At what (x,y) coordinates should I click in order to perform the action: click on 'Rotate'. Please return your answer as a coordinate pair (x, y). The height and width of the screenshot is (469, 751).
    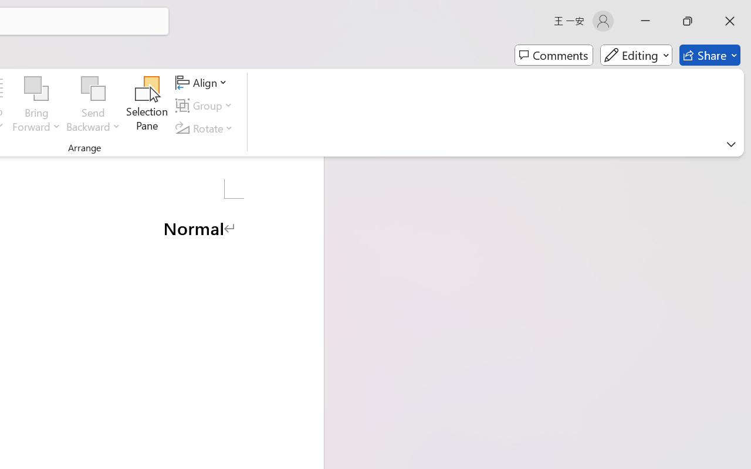
    Looking at the image, I should click on (206, 128).